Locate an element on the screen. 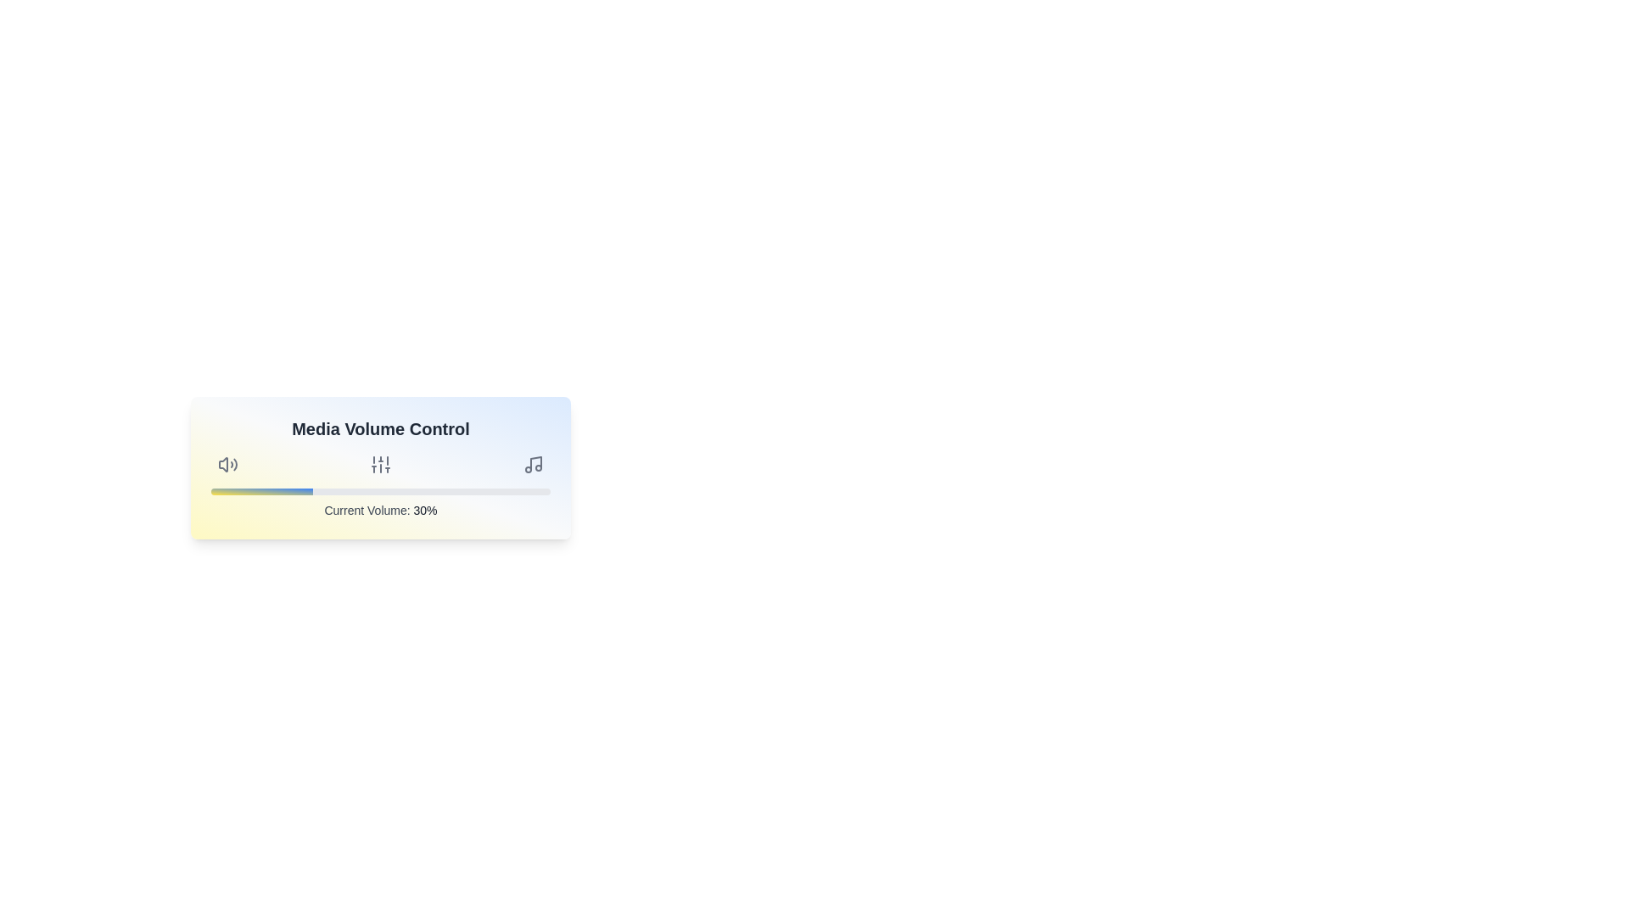 The height and width of the screenshot is (916, 1629). the left-pointing speaker icon located at the far left of a horizontal row of three icons in the upper section of the interface is located at coordinates (222, 464).